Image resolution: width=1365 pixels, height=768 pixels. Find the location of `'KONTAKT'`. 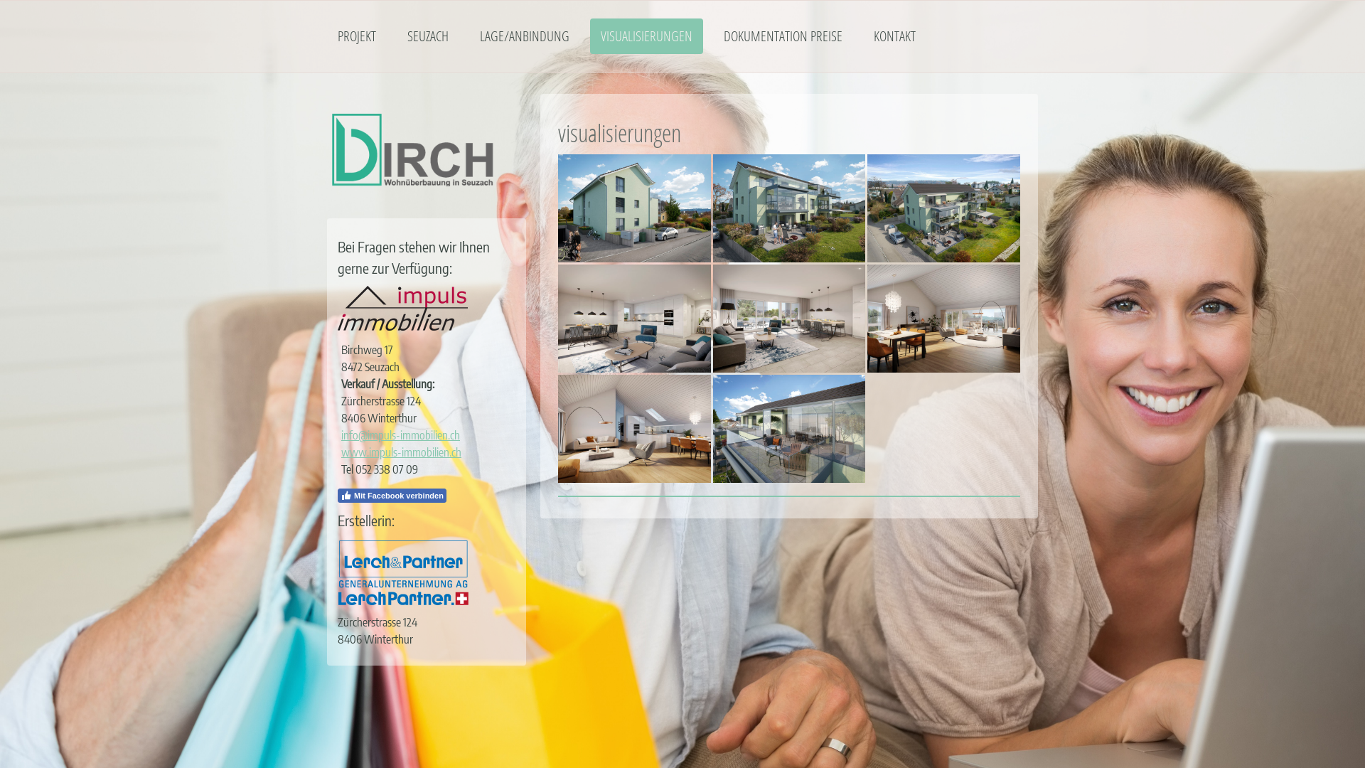

'KONTAKT' is located at coordinates (894, 35).